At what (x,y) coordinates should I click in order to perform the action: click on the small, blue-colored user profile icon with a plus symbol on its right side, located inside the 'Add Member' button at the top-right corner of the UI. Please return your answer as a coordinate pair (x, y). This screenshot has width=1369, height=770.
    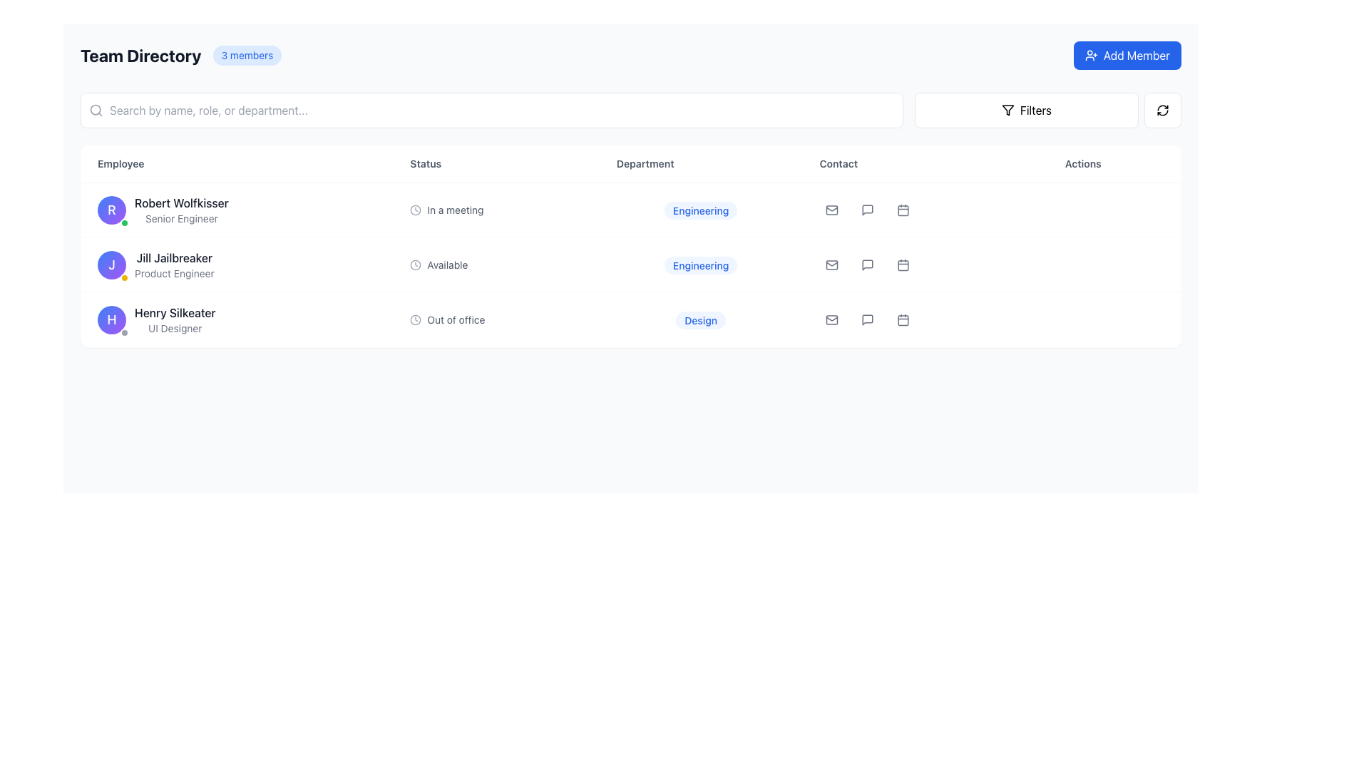
    Looking at the image, I should click on (1090, 54).